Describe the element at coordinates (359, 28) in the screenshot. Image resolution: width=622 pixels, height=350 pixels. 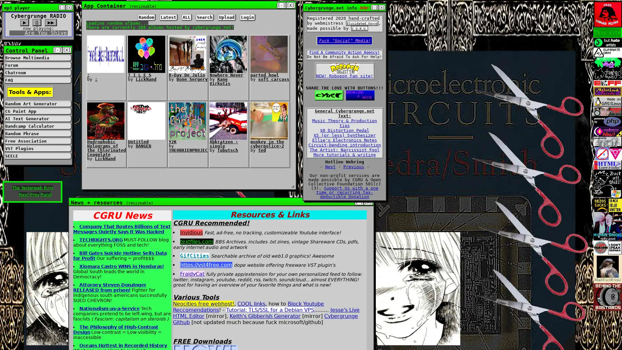
I see `C.G.R.U.` at that location.